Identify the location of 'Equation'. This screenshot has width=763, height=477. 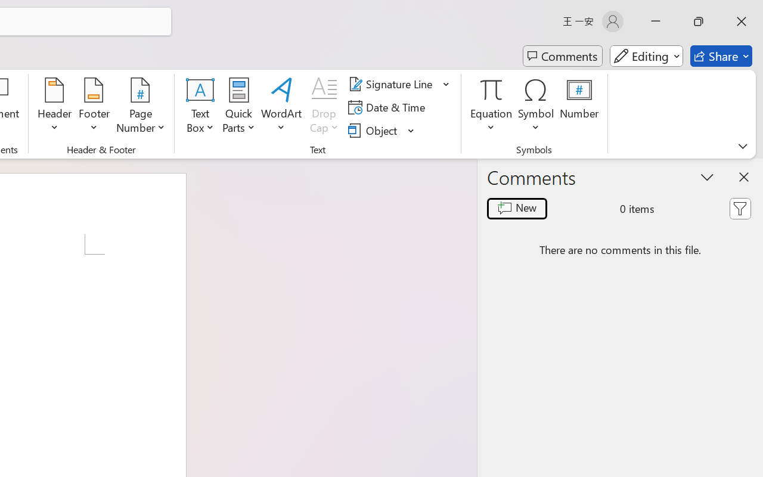
(491, 107).